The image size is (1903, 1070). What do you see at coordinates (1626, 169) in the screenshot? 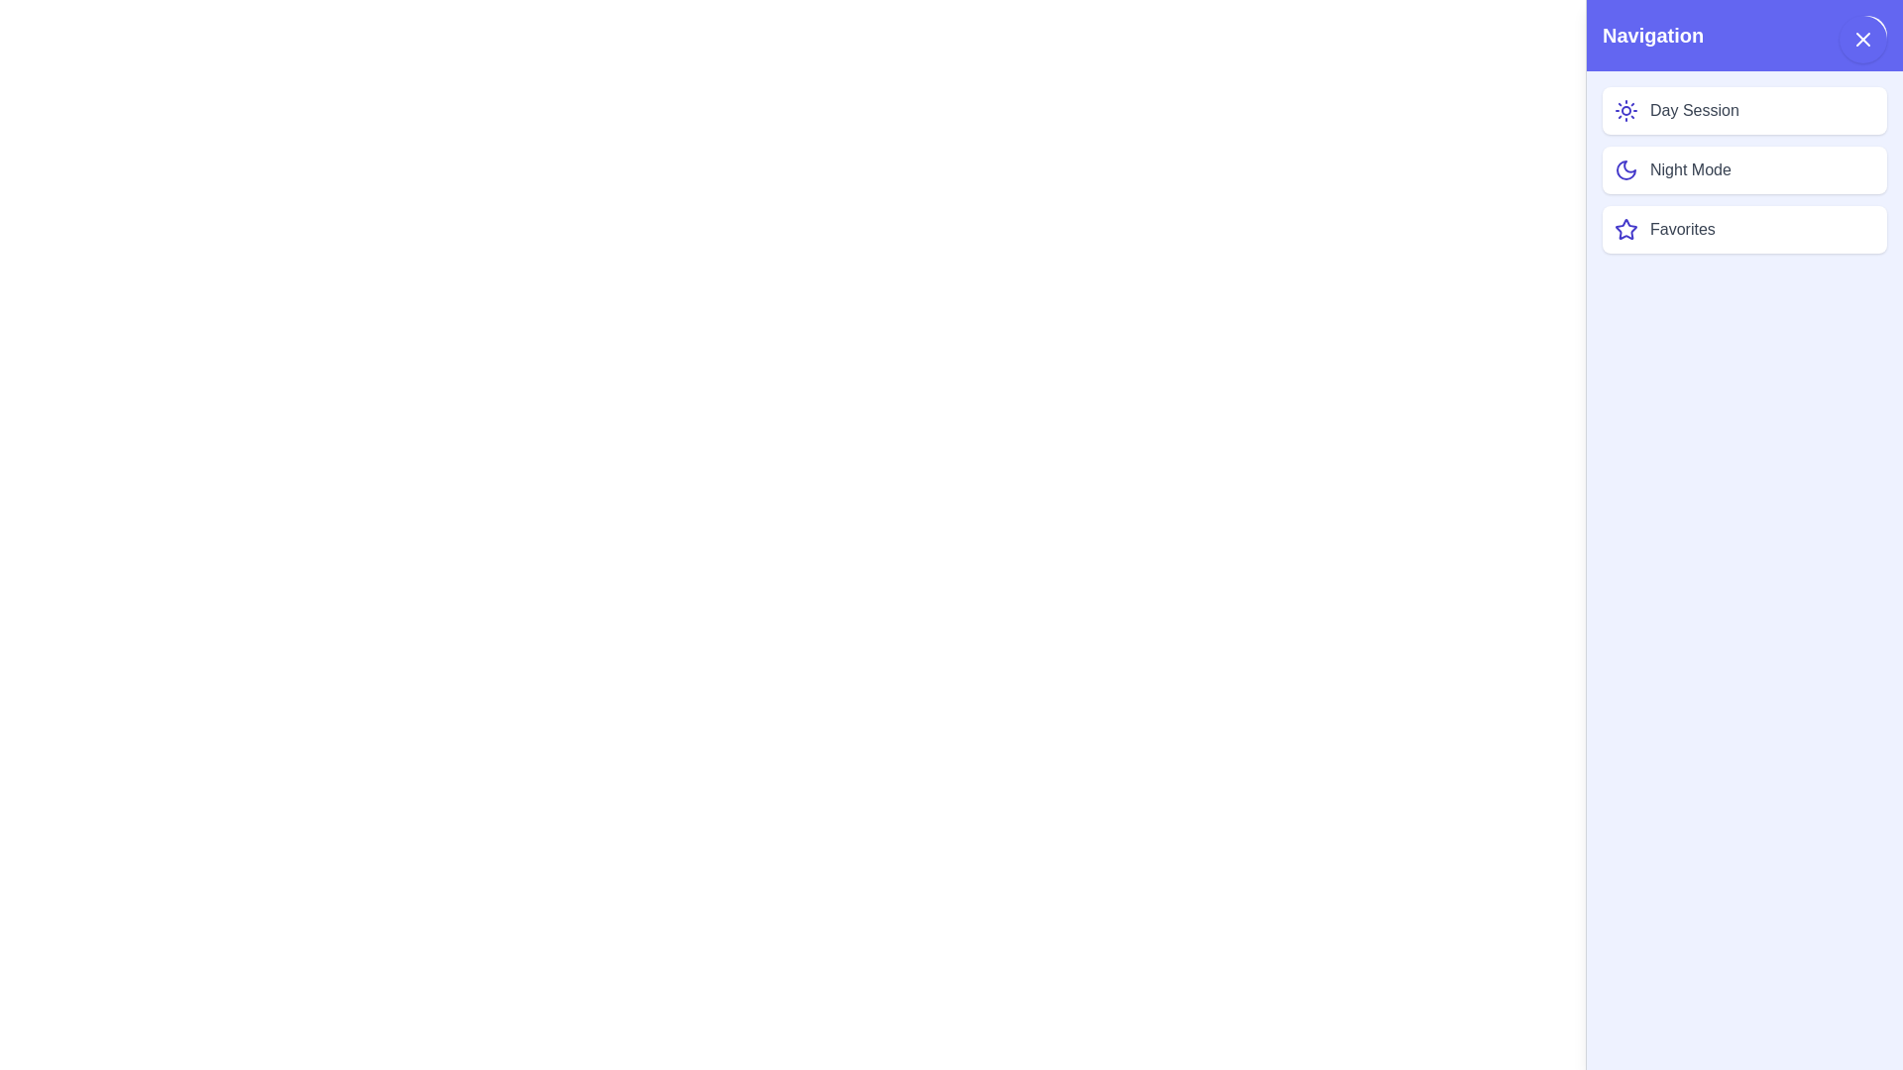
I see `the icon next to the list item Night Mode to perform the associated action` at bounding box center [1626, 169].